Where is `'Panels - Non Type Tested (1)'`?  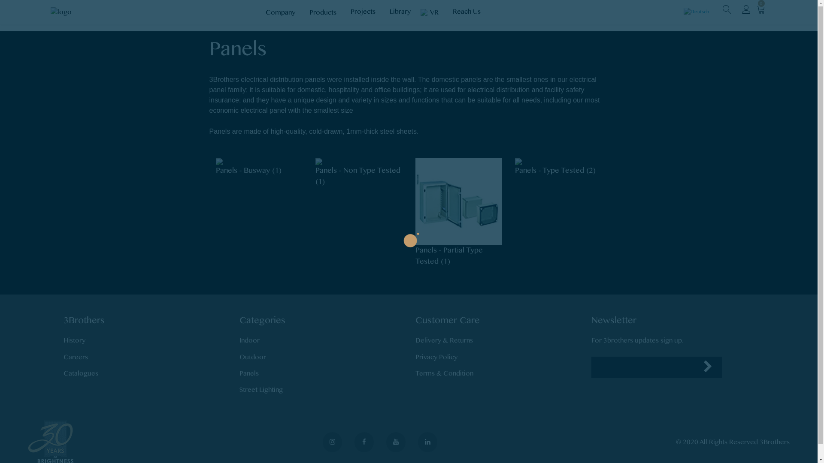
'Panels - Non Type Tested (1)' is located at coordinates (315, 172).